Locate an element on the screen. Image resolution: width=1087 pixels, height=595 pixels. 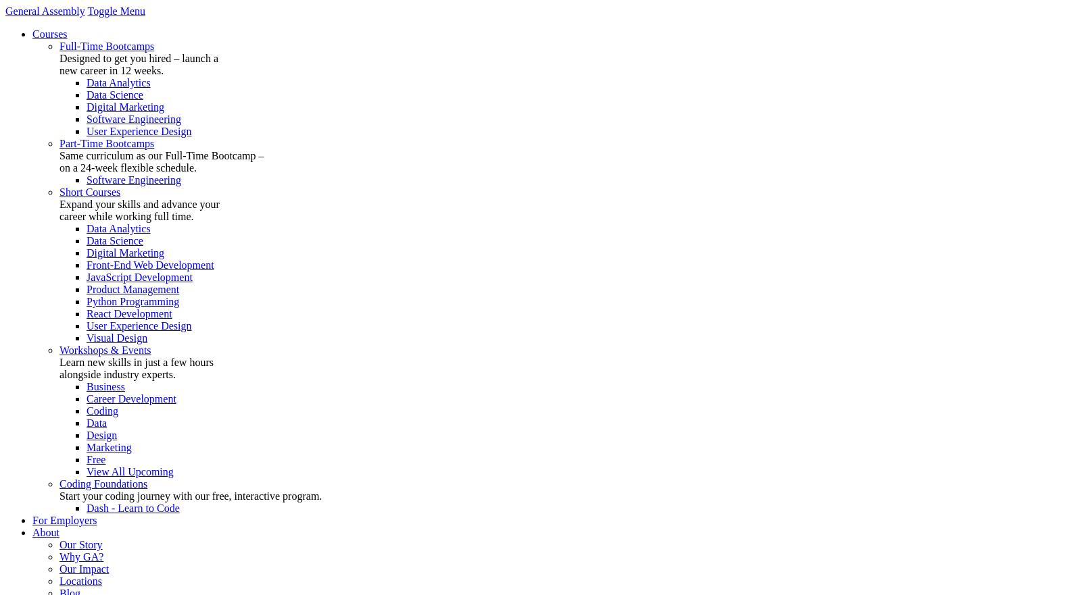
'Career Development' is located at coordinates (130, 398).